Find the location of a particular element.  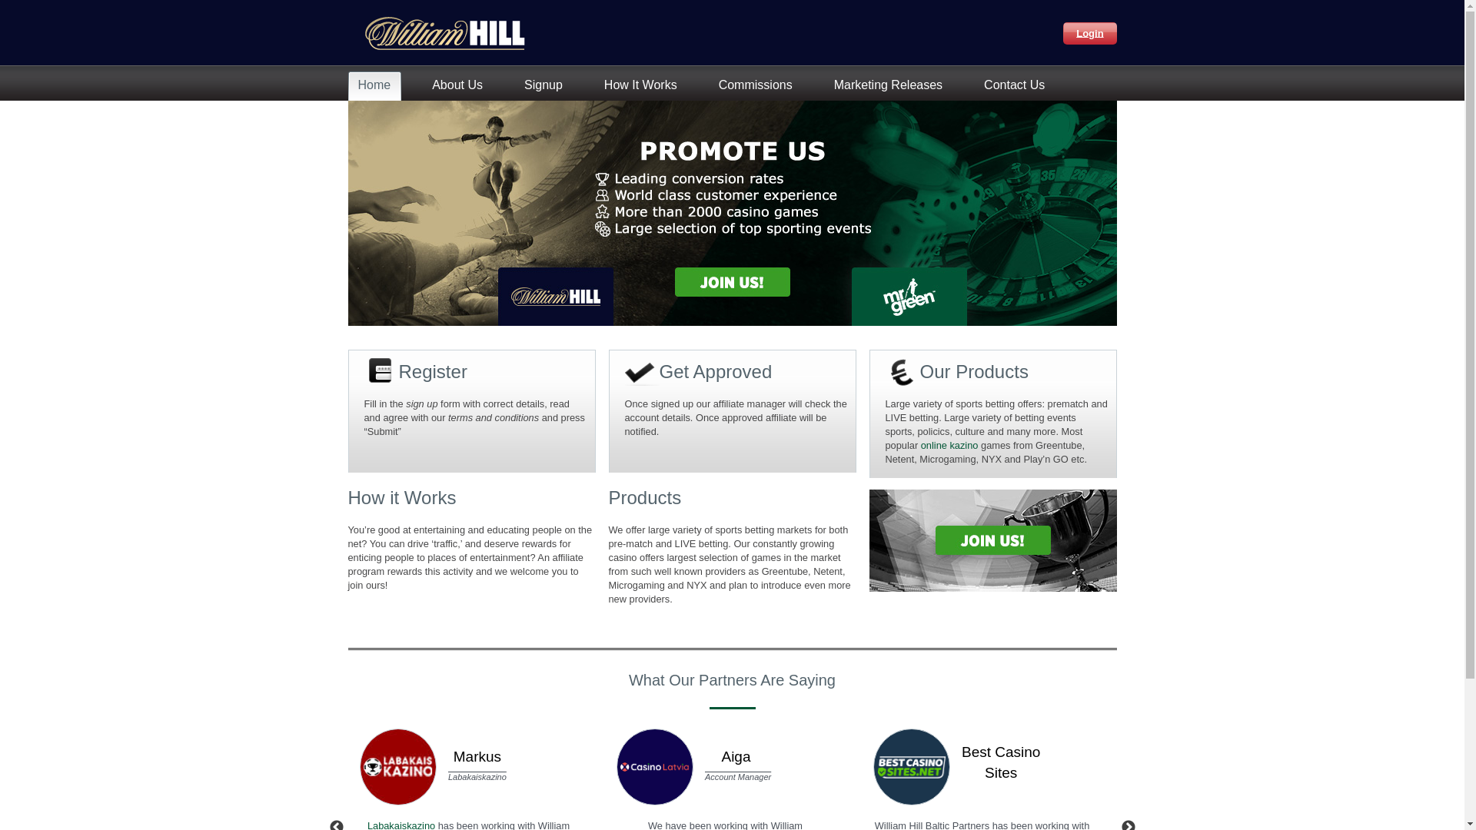

'Login' is located at coordinates (1062, 32).